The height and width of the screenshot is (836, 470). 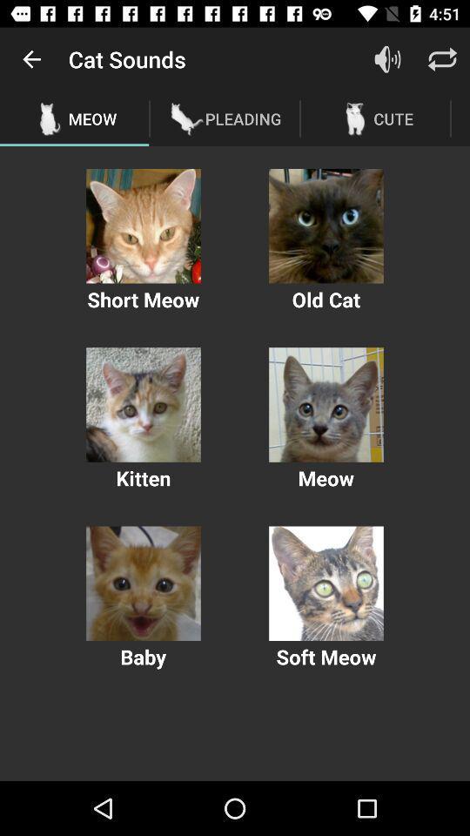 I want to click on selects the meow sound, so click(x=326, y=405).